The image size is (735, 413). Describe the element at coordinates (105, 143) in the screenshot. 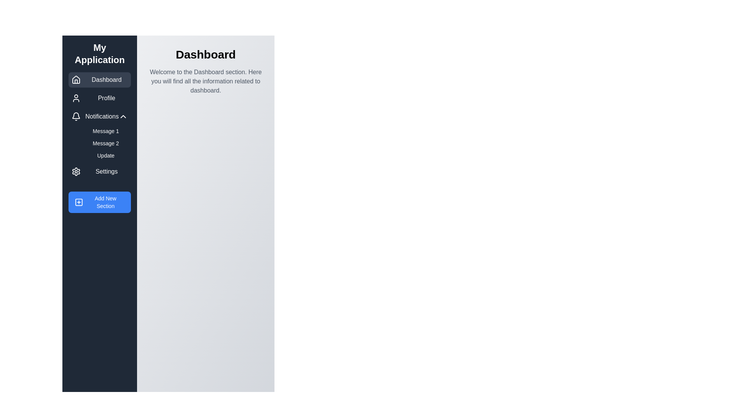

I see `the Text label that serves as a navigational label for 'Message 2', located in the sidebar menu beneath 'Message 1' and above 'Update'` at that location.